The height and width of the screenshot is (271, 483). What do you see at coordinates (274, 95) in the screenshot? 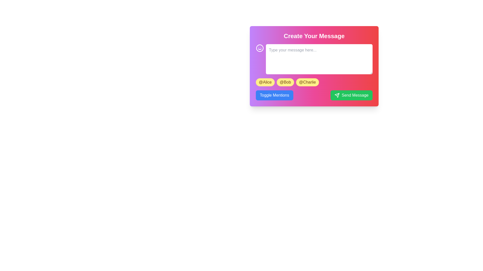
I see `the button located on the left within the horizontal group of interactive elements at the lower section of the message creation card` at bounding box center [274, 95].